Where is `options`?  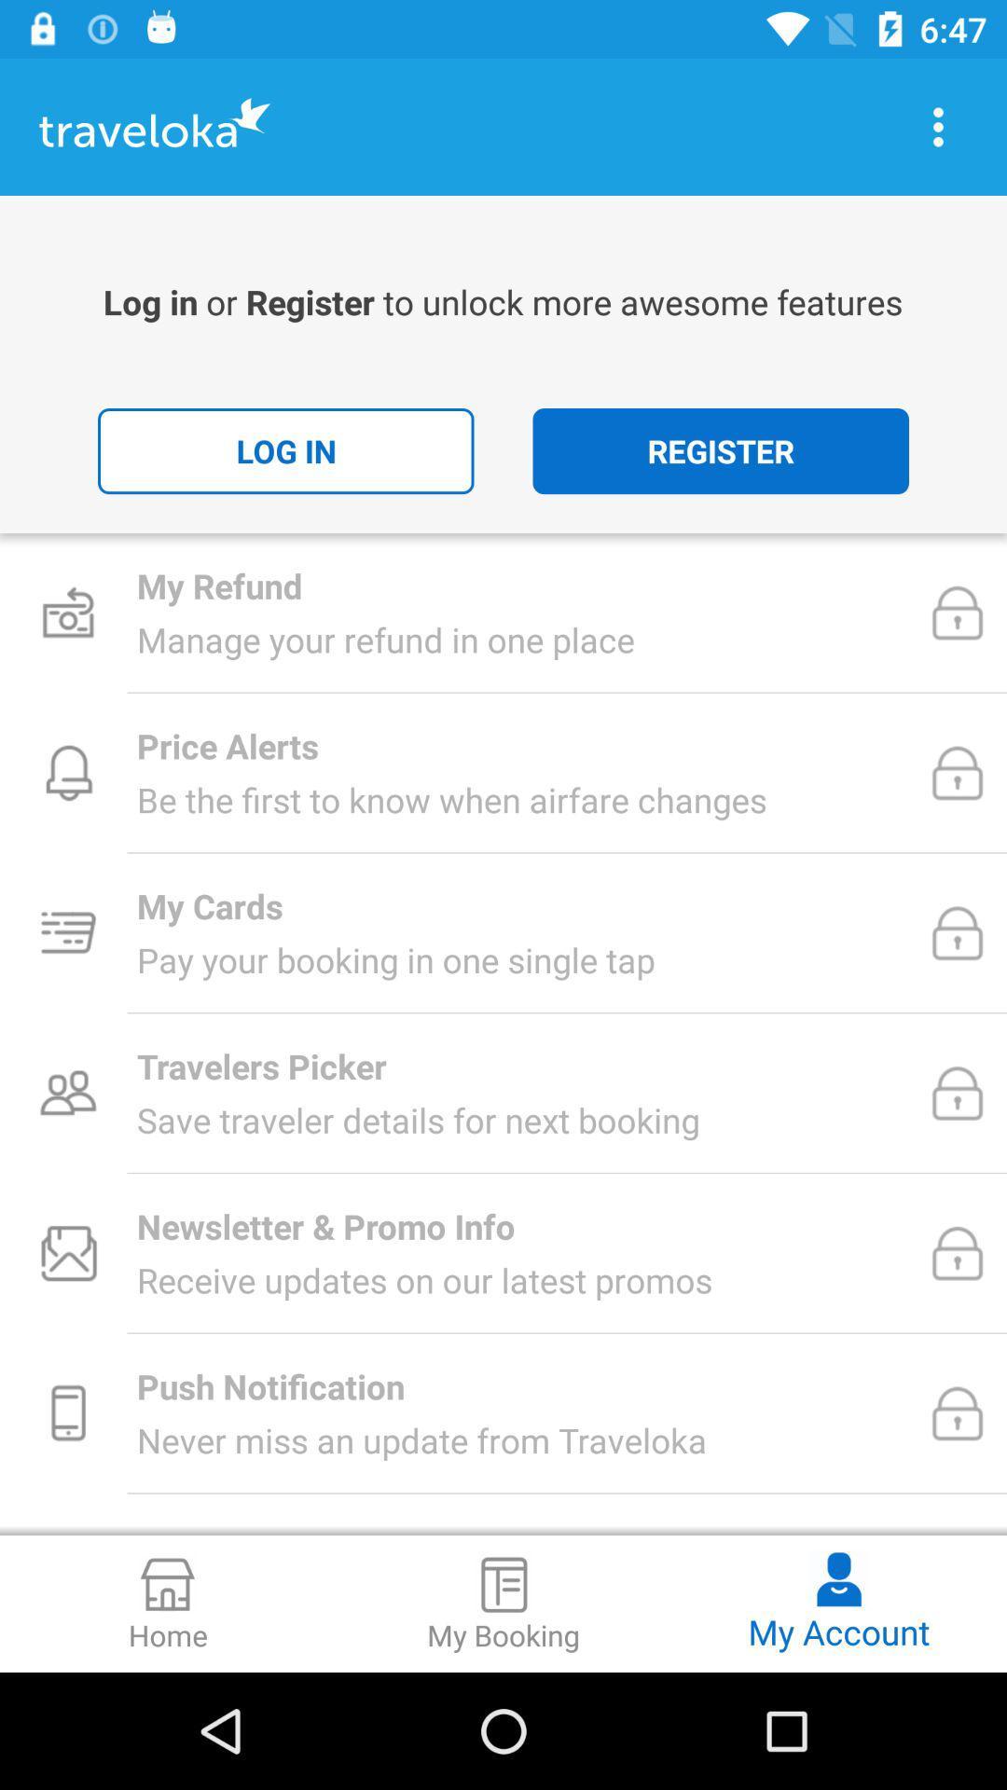
options is located at coordinates (938, 126).